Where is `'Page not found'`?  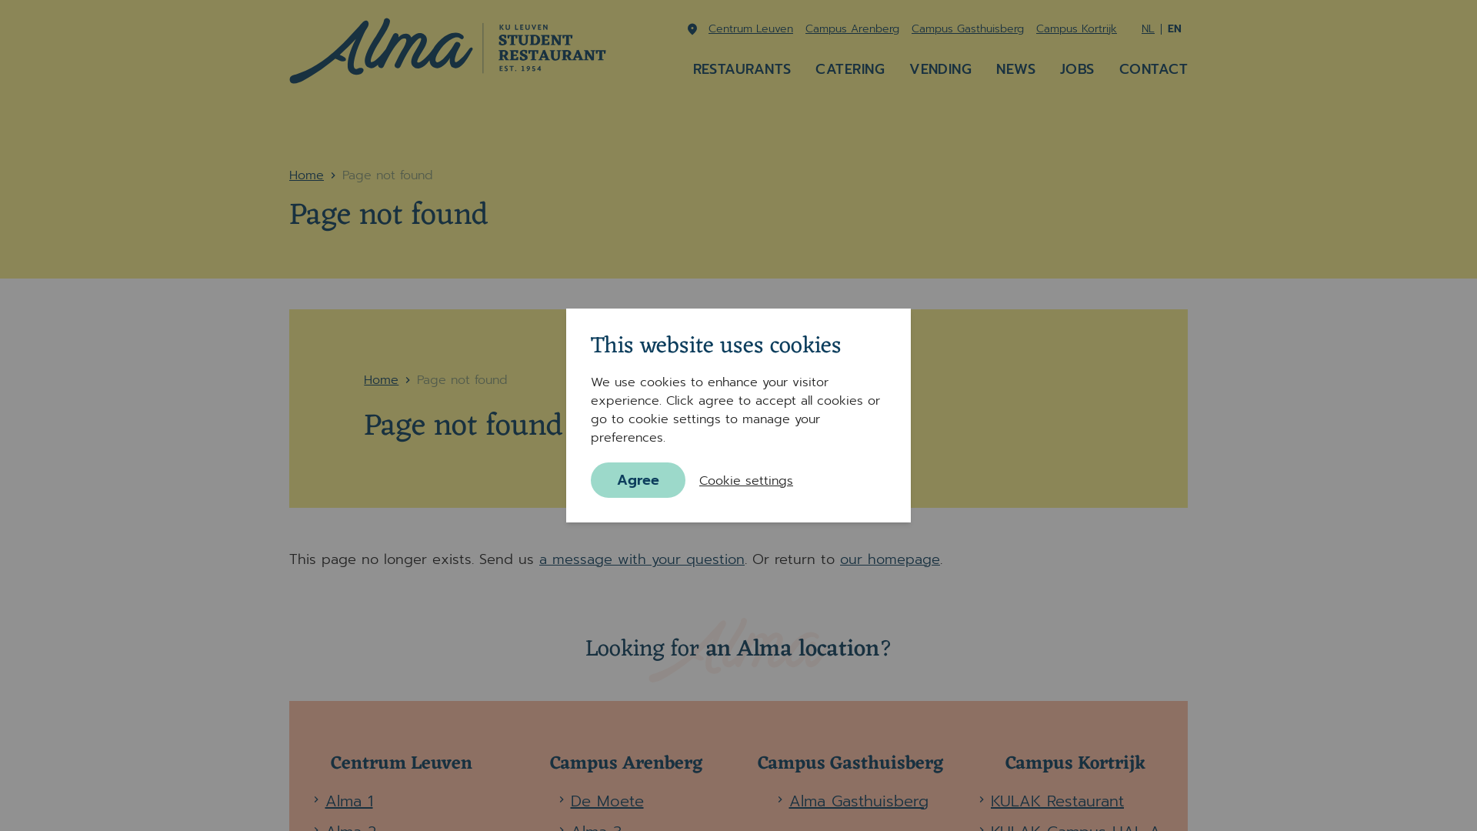
'Page not found' is located at coordinates (388, 174).